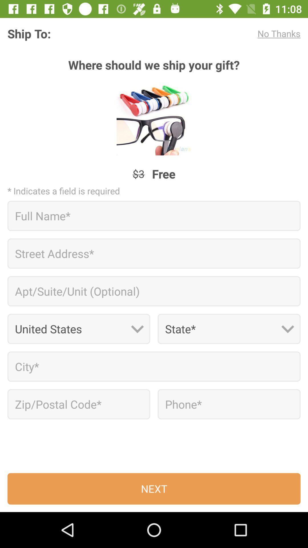  Describe the element at coordinates (229, 404) in the screenshot. I see `phone number box` at that location.